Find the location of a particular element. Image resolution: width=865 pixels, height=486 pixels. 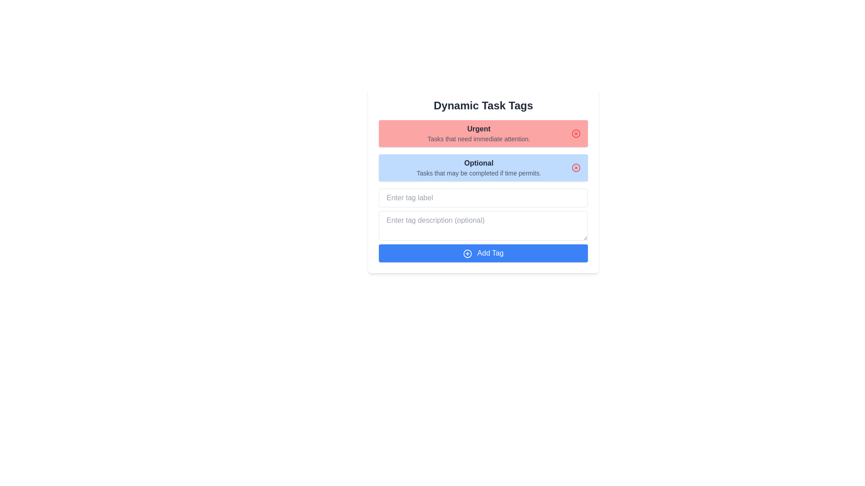

the text display component that describes the task category 'Optional,' which is located directly below the 'Urgent' tag is located at coordinates (478, 168).